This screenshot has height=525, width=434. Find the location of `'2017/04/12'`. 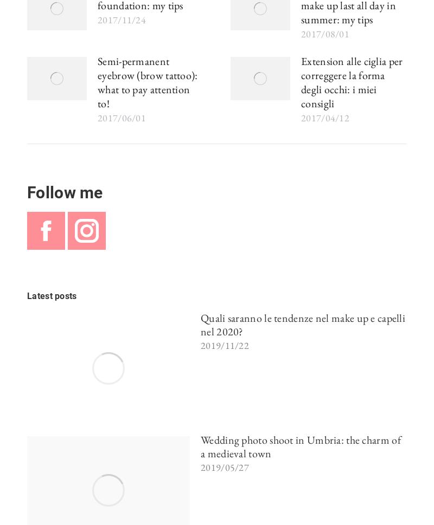

'2017/04/12' is located at coordinates (301, 118).